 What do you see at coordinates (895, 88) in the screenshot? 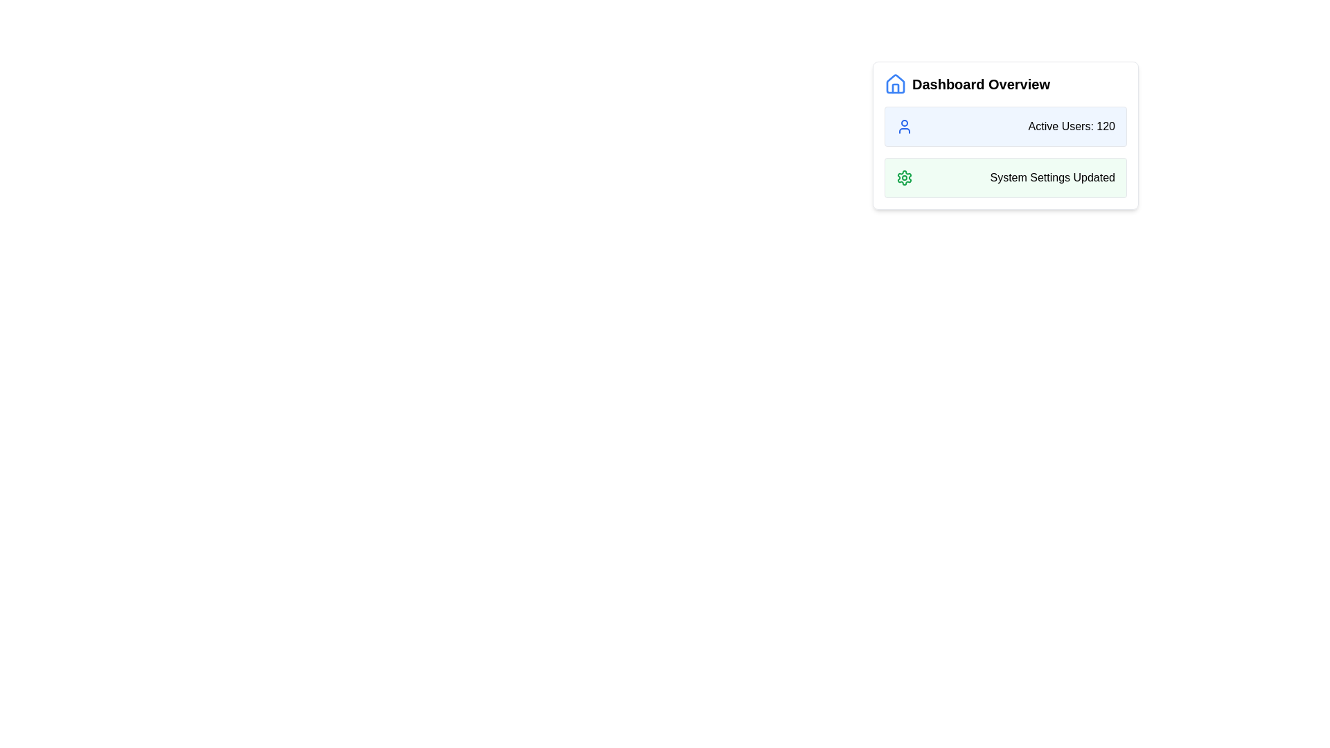
I see `the door element of the house icon located in the top-left section of the 'Dashboard Overview' card` at bounding box center [895, 88].